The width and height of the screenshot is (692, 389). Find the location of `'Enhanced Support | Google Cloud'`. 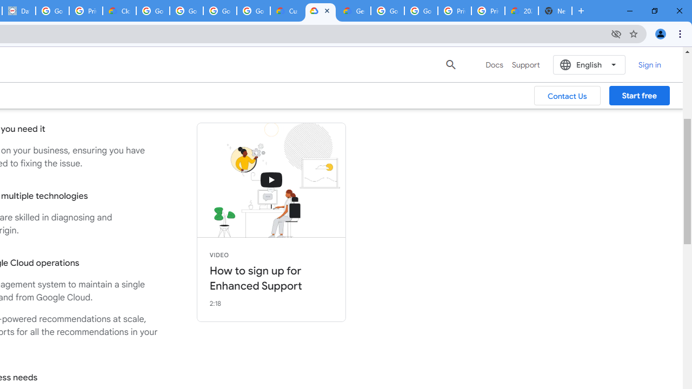

'Enhanced Support | Google Cloud' is located at coordinates (320, 11).